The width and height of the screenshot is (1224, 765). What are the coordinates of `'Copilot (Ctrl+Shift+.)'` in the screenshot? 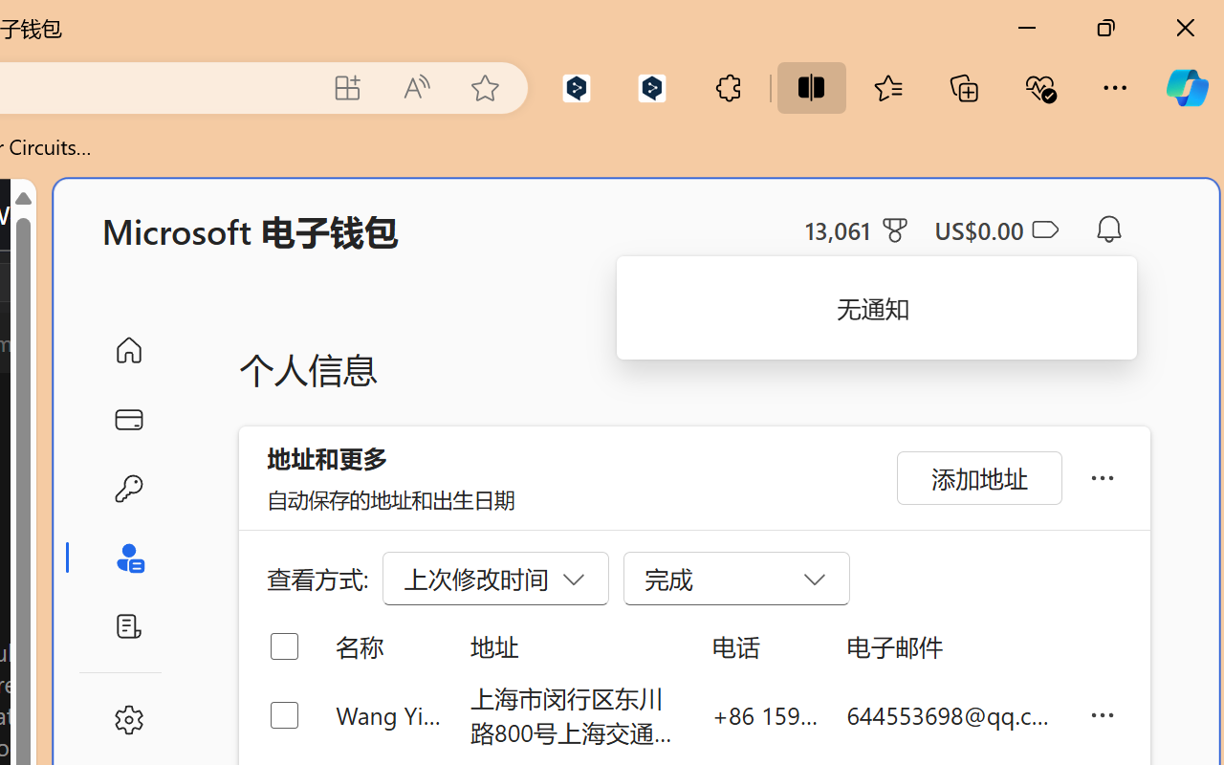 It's located at (1186, 87).